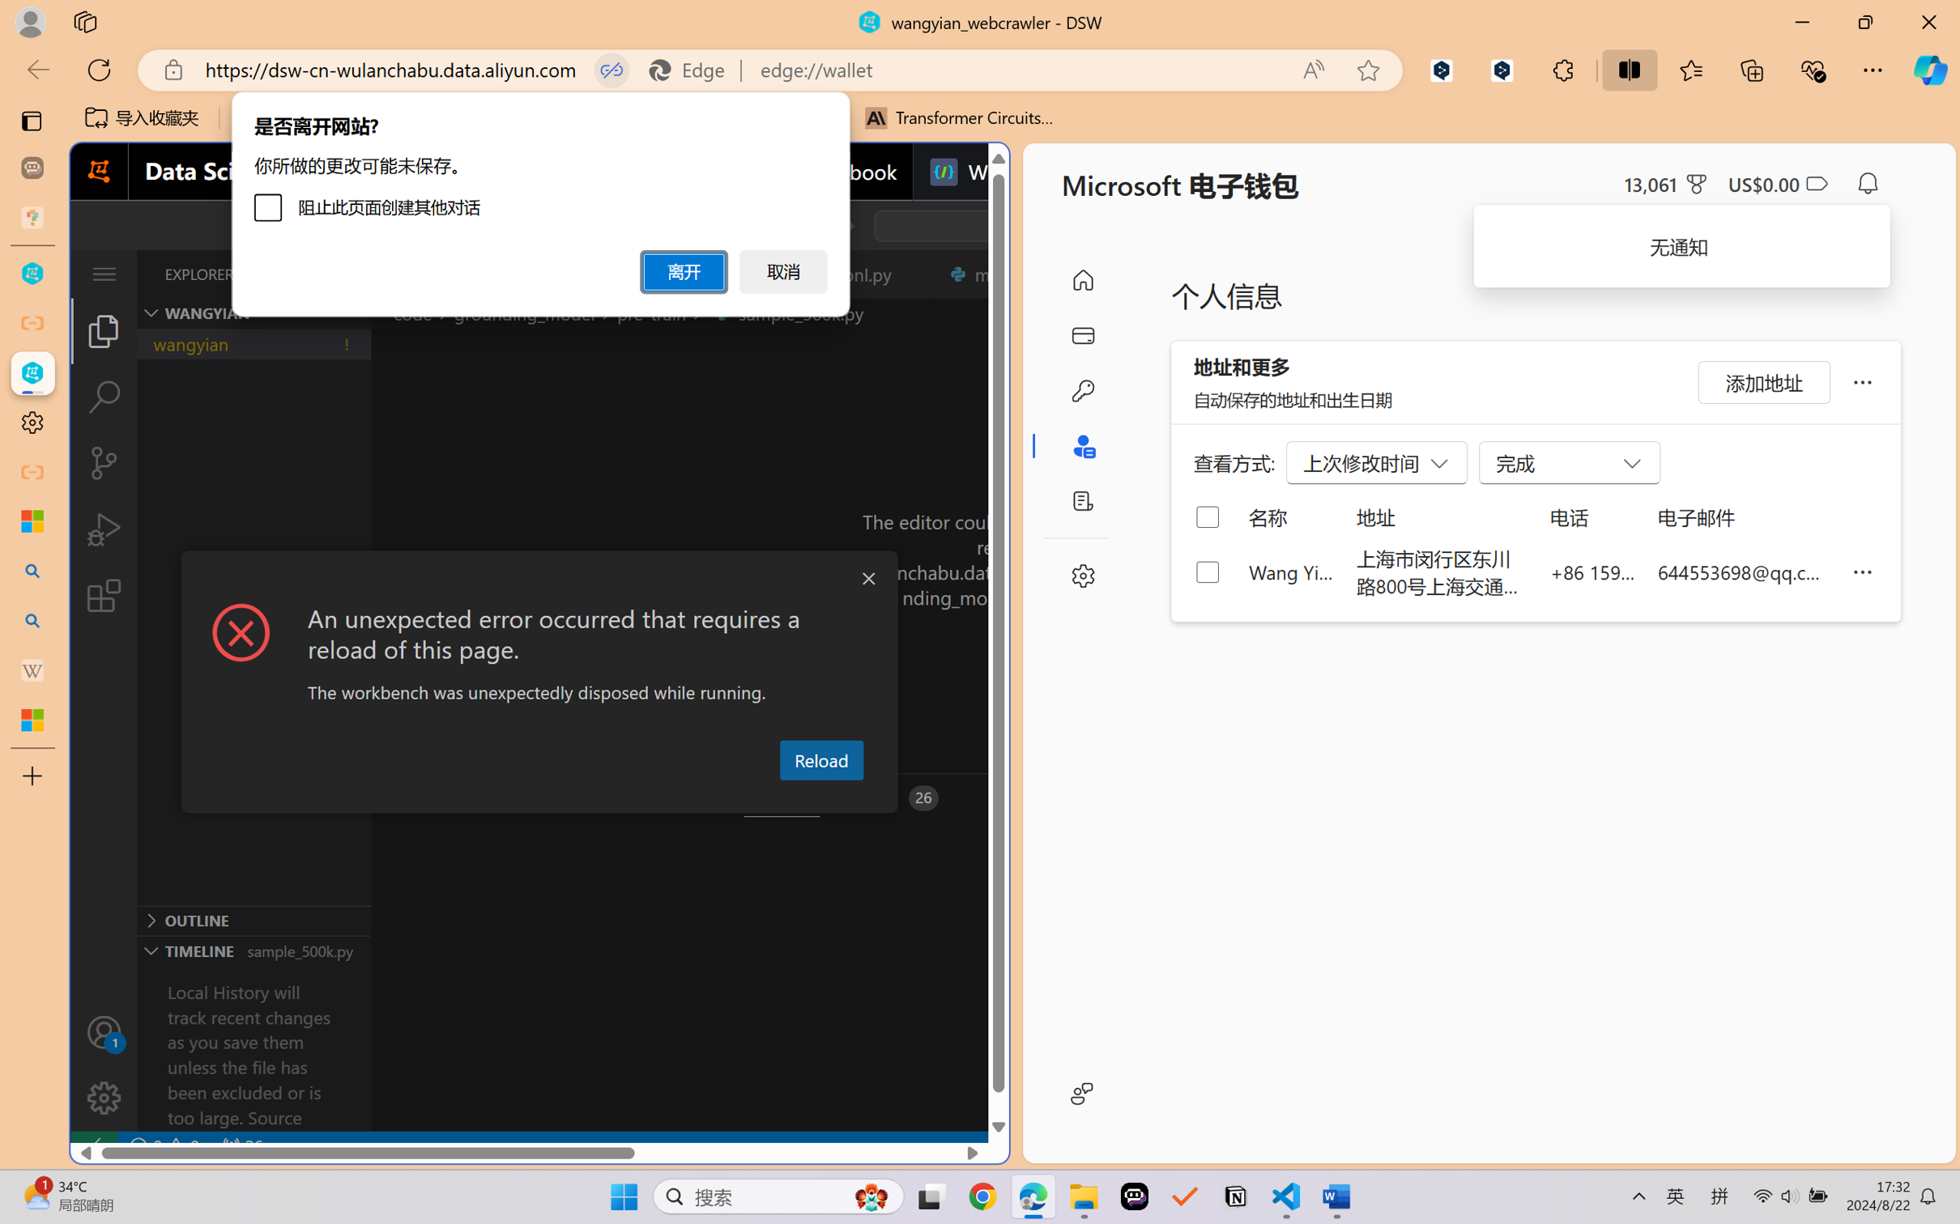  I want to click on 'Output (Ctrl+Shift+U)', so click(532, 798).